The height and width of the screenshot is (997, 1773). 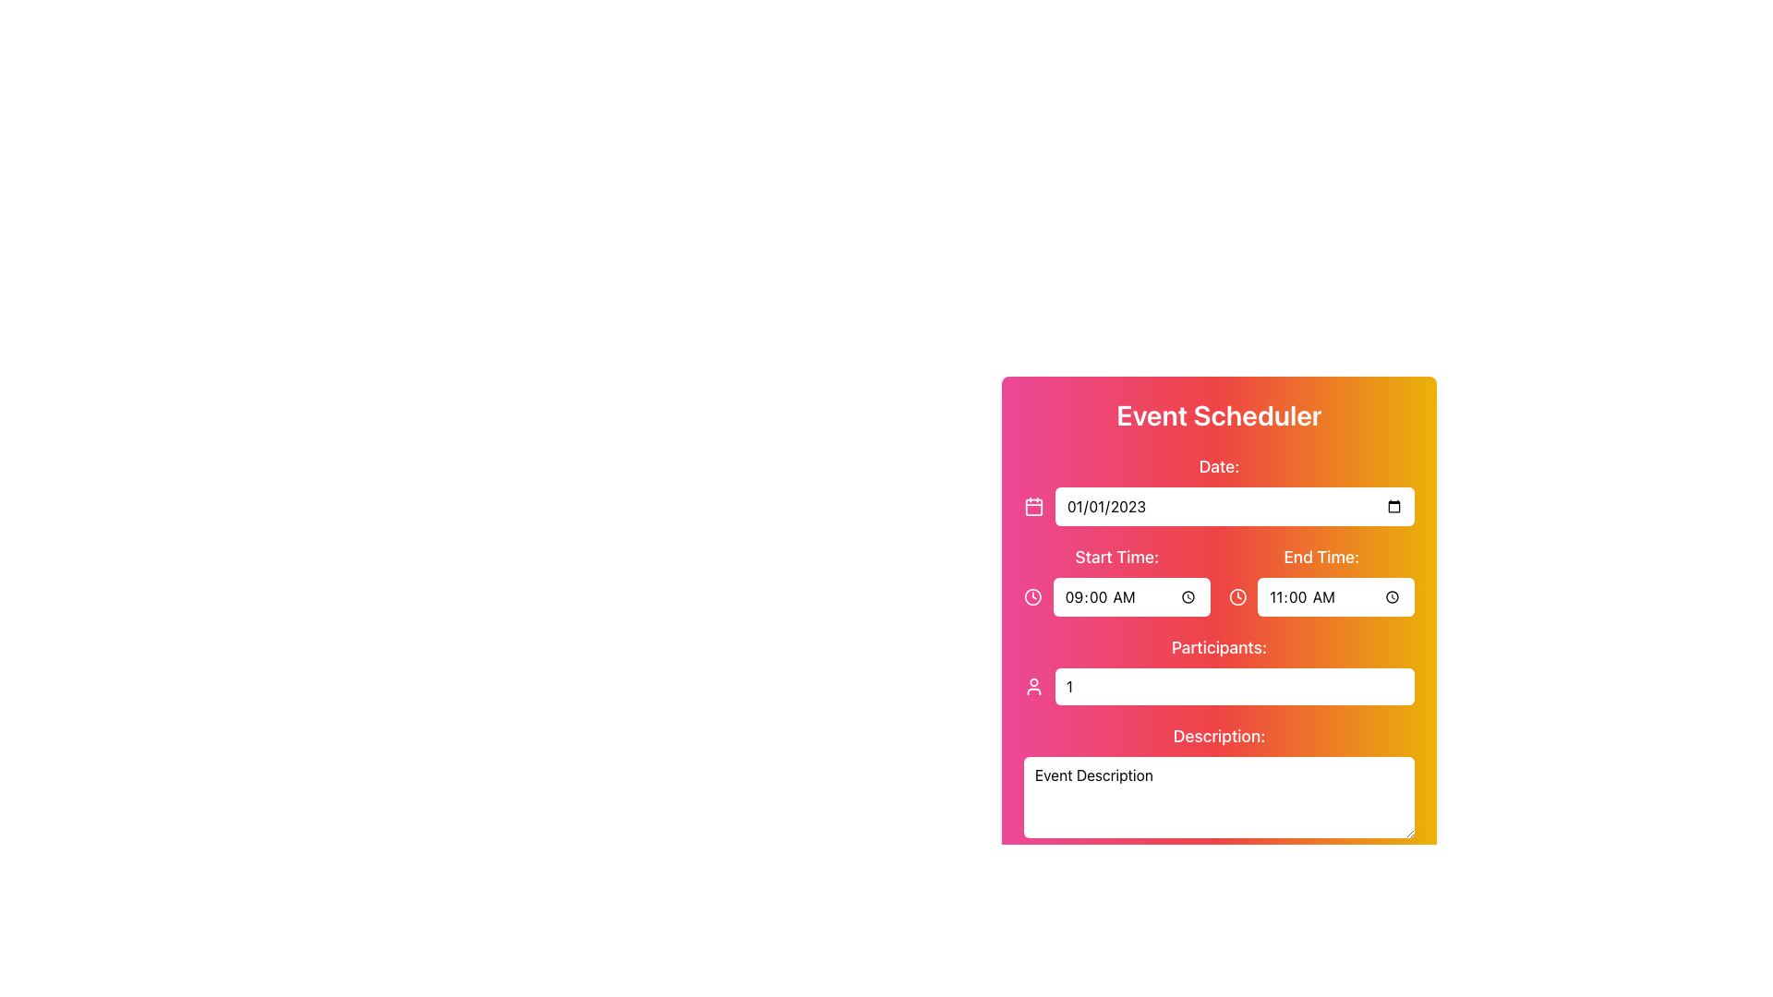 What do you see at coordinates (1219, 736) in the screenshot?
I see `the Text Label indicating the purpose of the text box for event description, which is positioned above the multi-line text input element` at bounding box center [1219, 736].